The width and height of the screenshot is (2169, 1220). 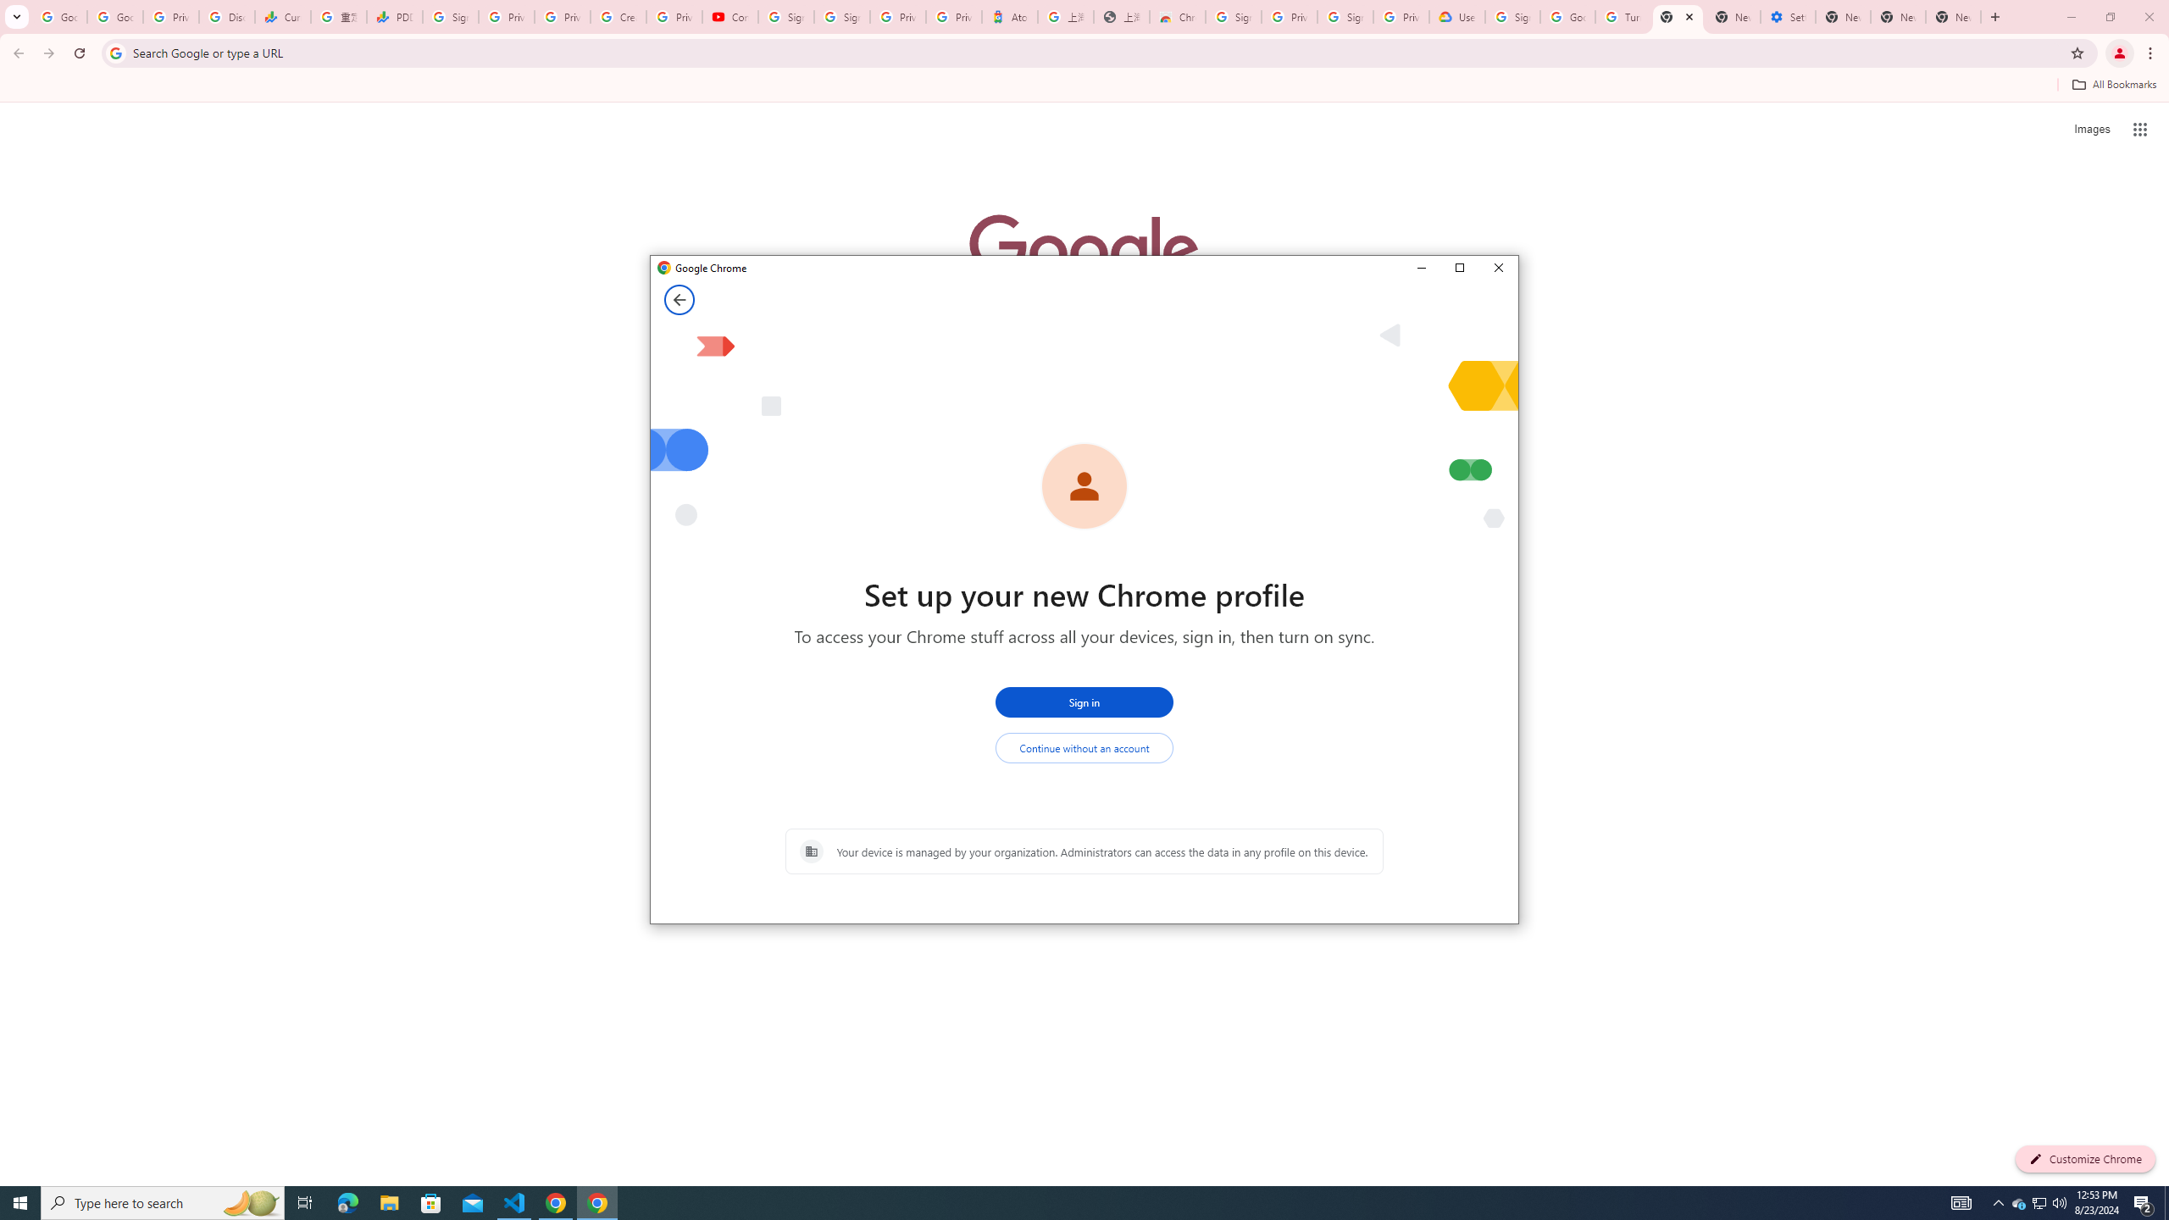 What do you see at coordinates (20, 1201) in the screenshot?
I see `'Start'` at bounding box center [20, 1201].